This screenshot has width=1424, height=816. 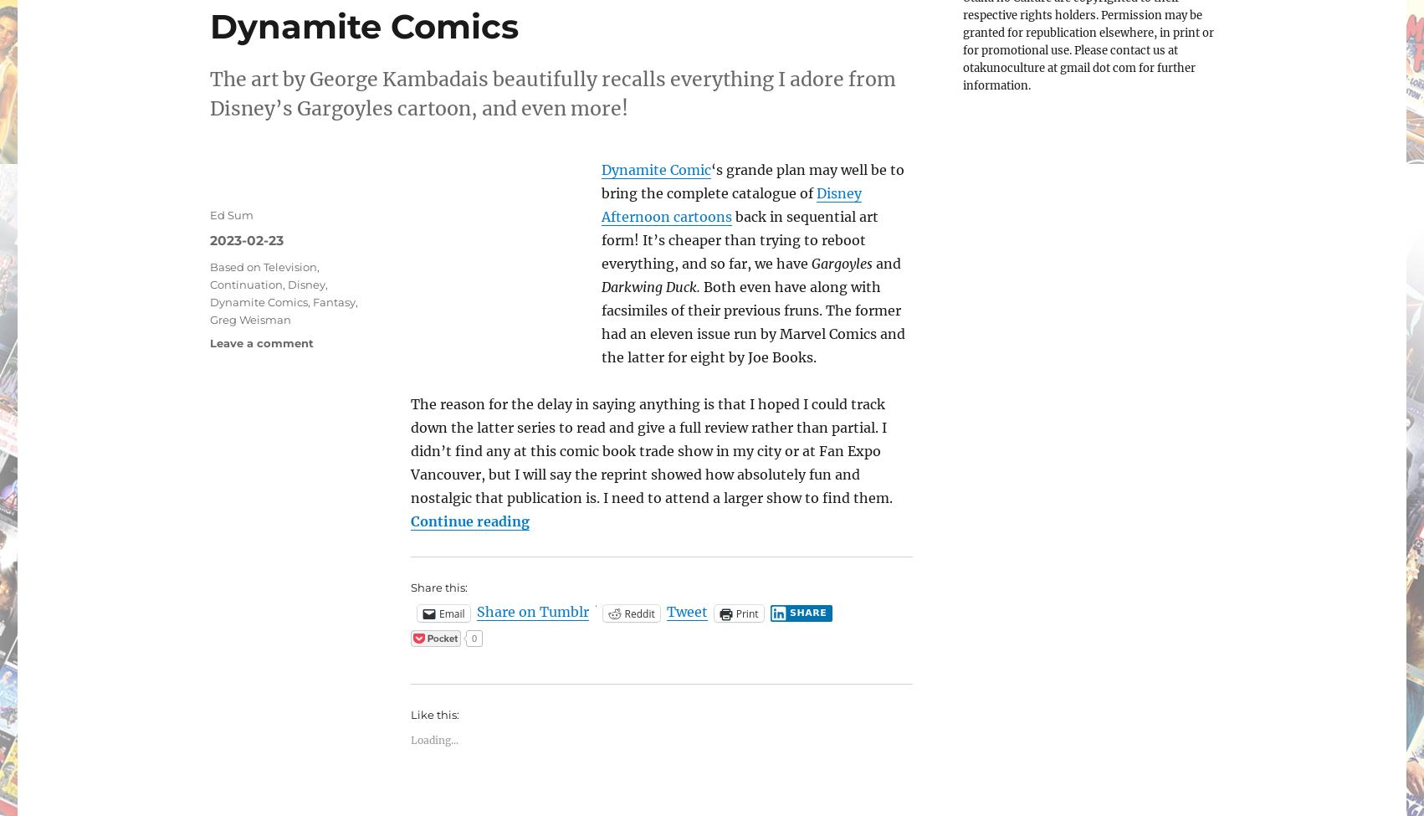 What do you see at coordinates (306, 283) in the screenshot?
I see `'Disney'` at bounding box center [306, 283].